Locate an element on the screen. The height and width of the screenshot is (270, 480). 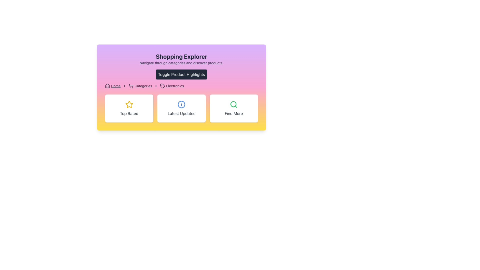
the house outline icon located at the beginning of the breadcrumb navigation is located at coordinates (107, 85).